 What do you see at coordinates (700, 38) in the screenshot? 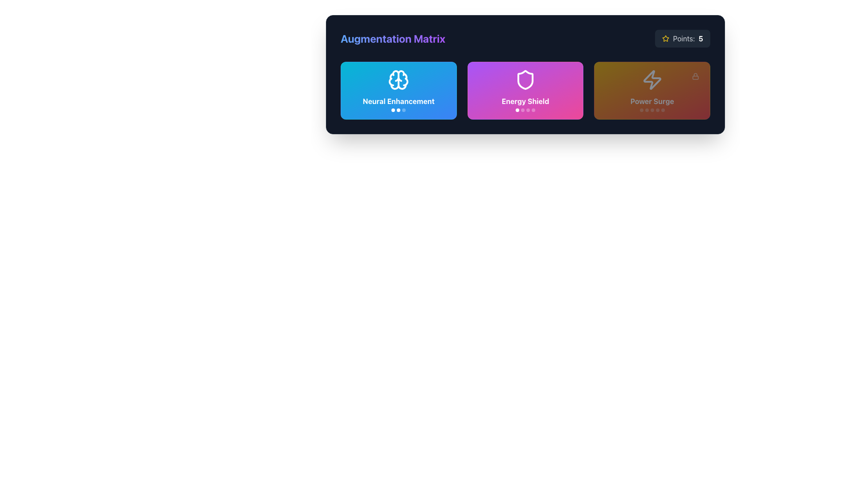
I see `the Text label displaying the current points or score in the UI, which is positioned to the right of the 'Points:' label` at bounding box center [700, 38].